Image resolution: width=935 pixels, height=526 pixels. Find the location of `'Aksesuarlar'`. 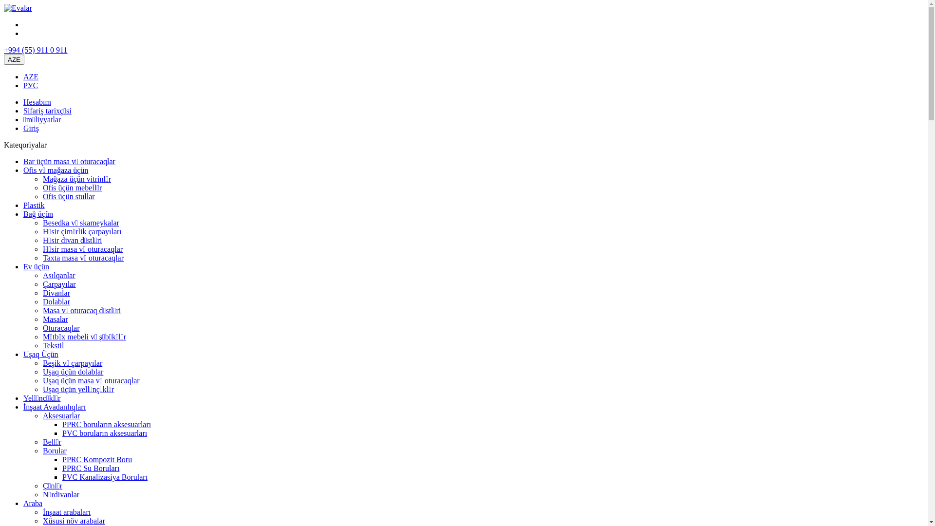

'Aksesuarlar' is located at coordinates (60, 415).